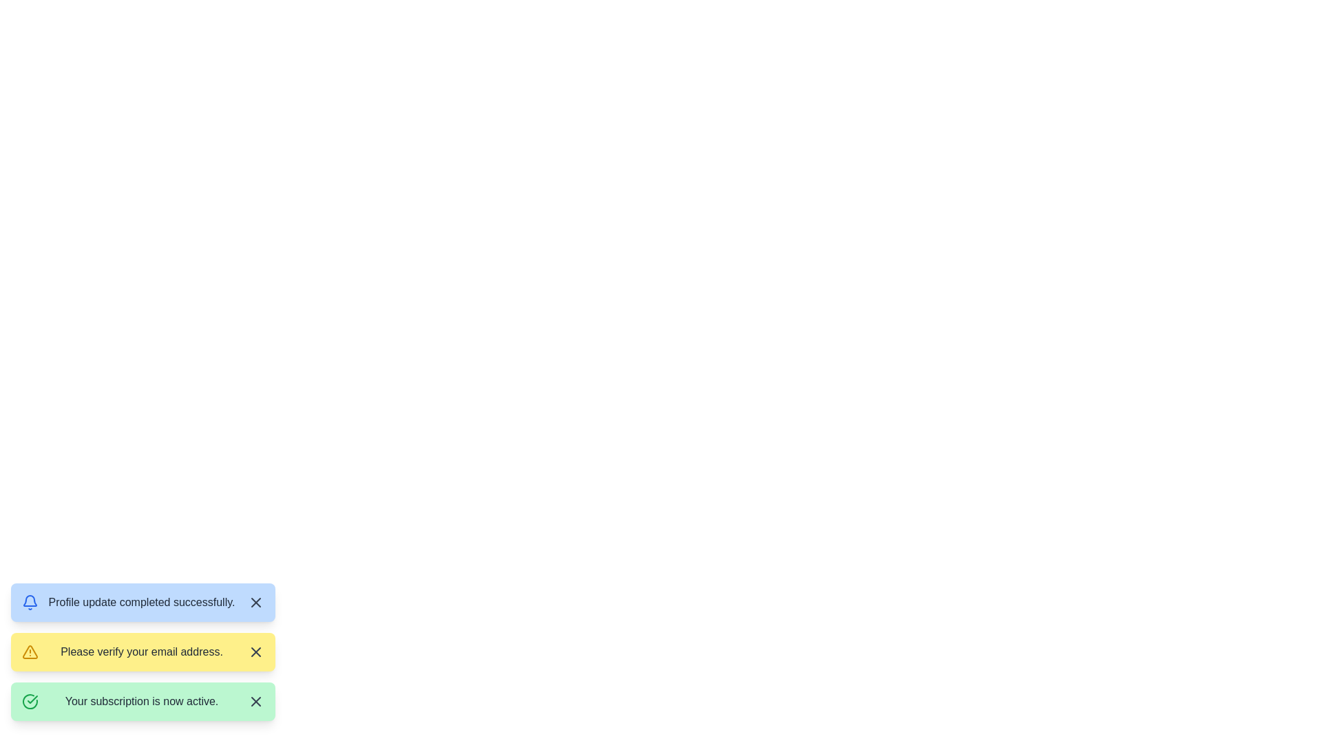 This screenshot has width=1322, height=743. What do you see at coordinates (256, 652) in the screenshot?
I see `the 'X' button in the top-right corner of the yellow notification box` at bounding box center [256, 652].